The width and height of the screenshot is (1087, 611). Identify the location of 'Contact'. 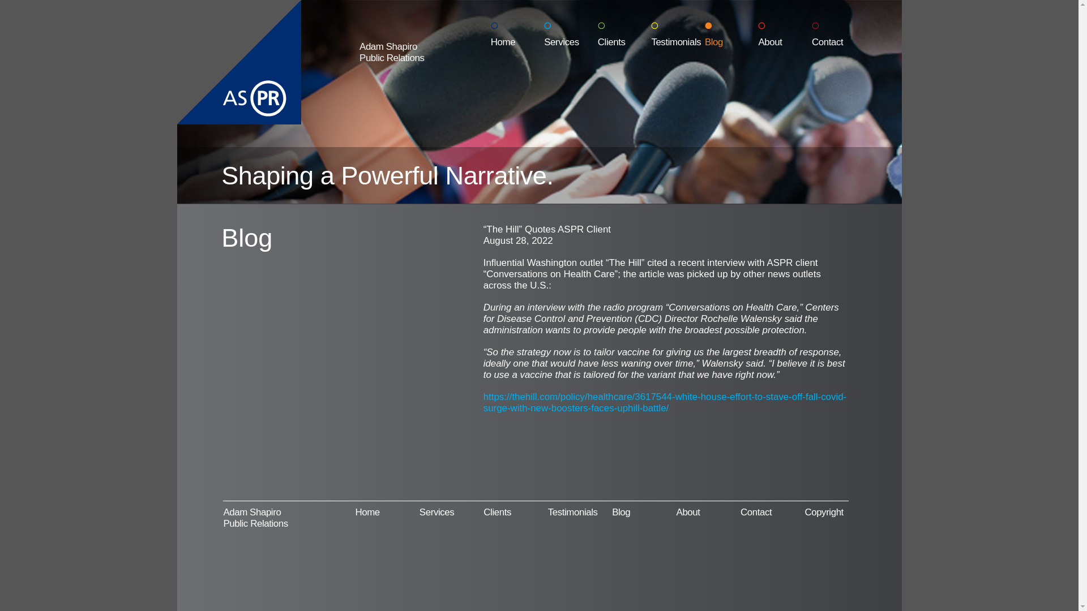
(741, 512).